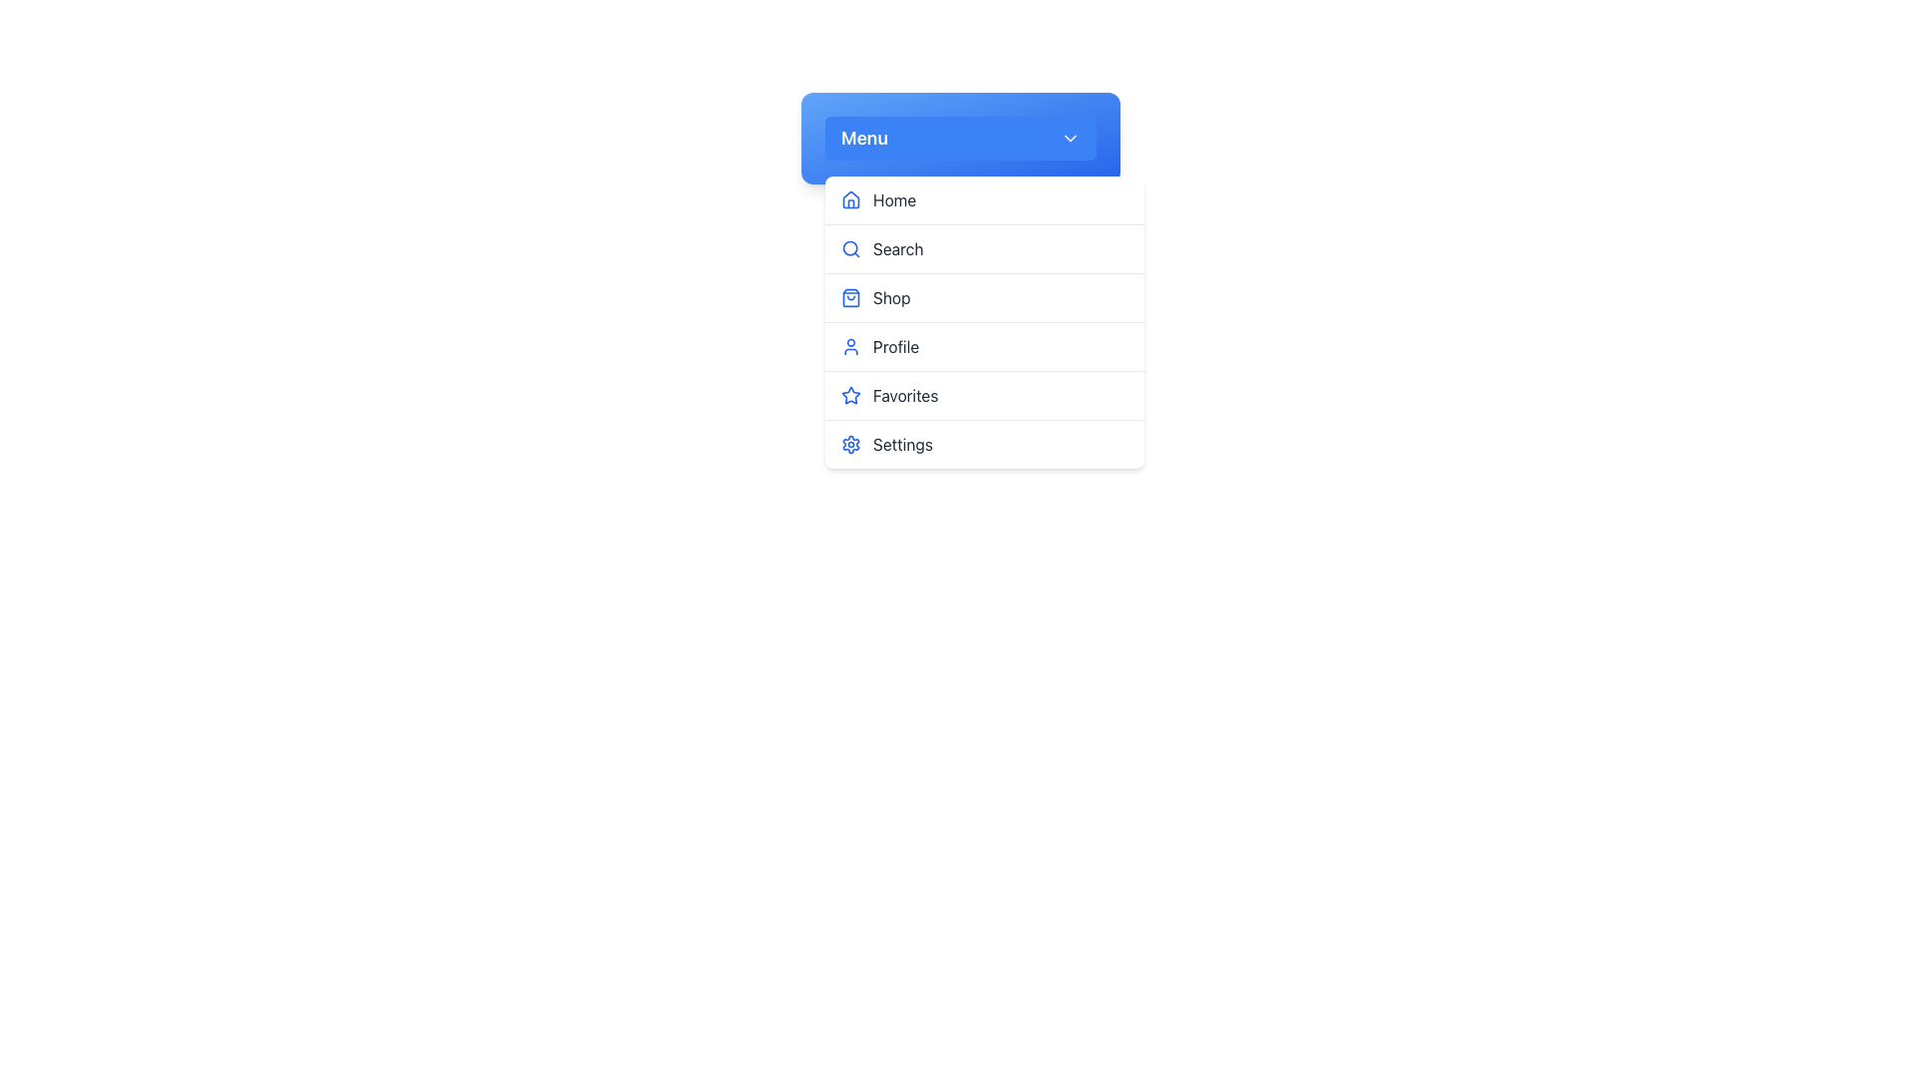 The image size is (1914, 1077). Describe the element at coordinates (985, 321) in the screenshot. I see `the fourth option titled 'Profile' in the dropdown menu, which is styled with a white background and rounded corners` at that location.